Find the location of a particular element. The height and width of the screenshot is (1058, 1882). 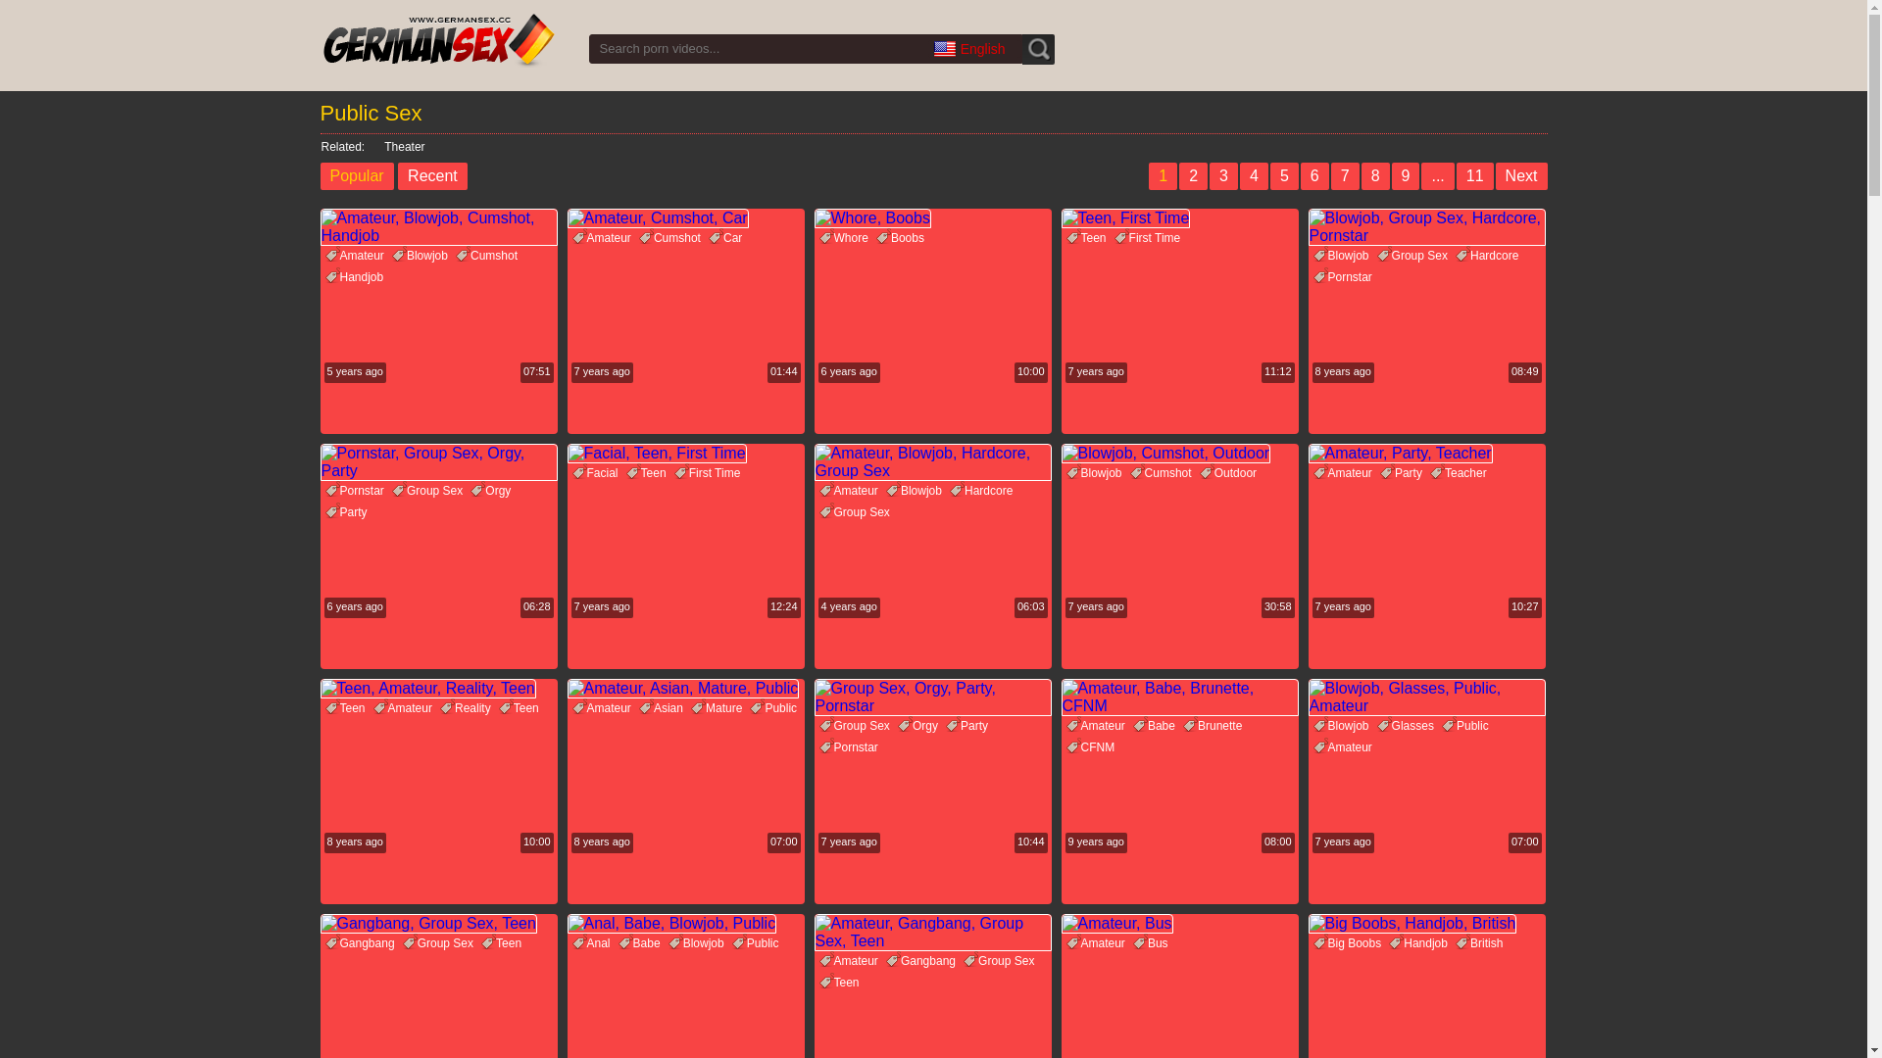

'Handjob' is located at coordinates (357, 276).